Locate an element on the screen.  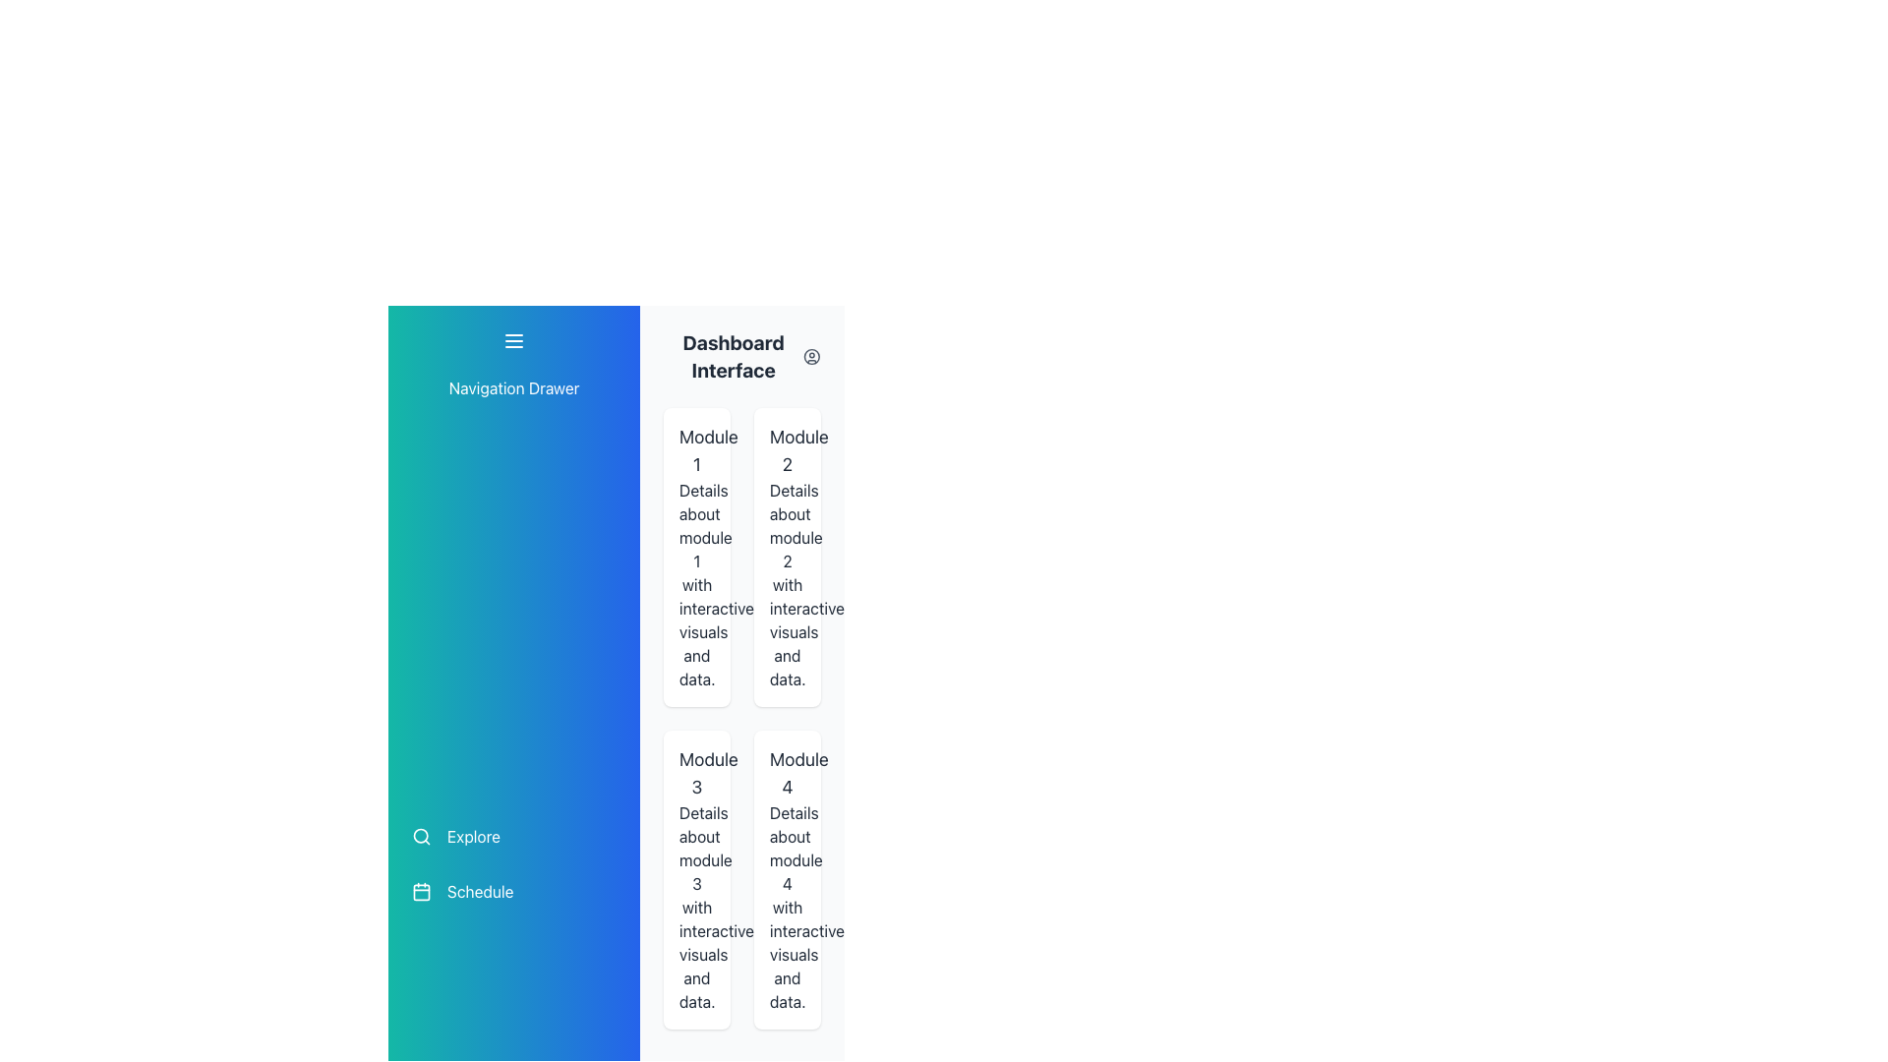
the menu icon button located at the top left corner of the Navigation Drawer is located at coordinates (514, 340).